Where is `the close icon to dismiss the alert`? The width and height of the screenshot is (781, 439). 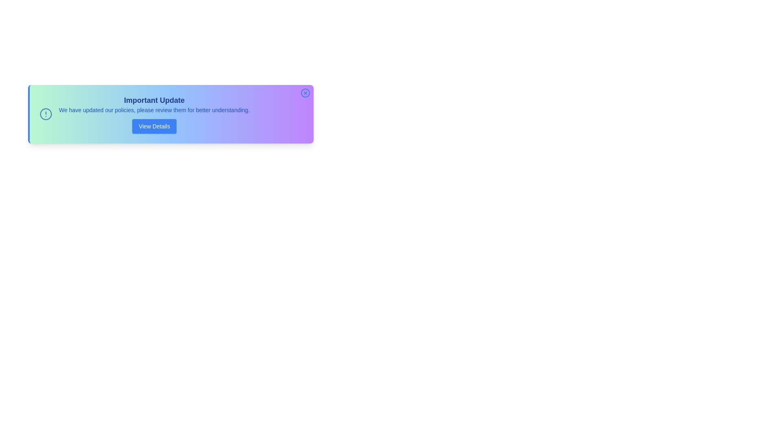 the close icon to dismiss the alert is located at coordinates (305, 92).